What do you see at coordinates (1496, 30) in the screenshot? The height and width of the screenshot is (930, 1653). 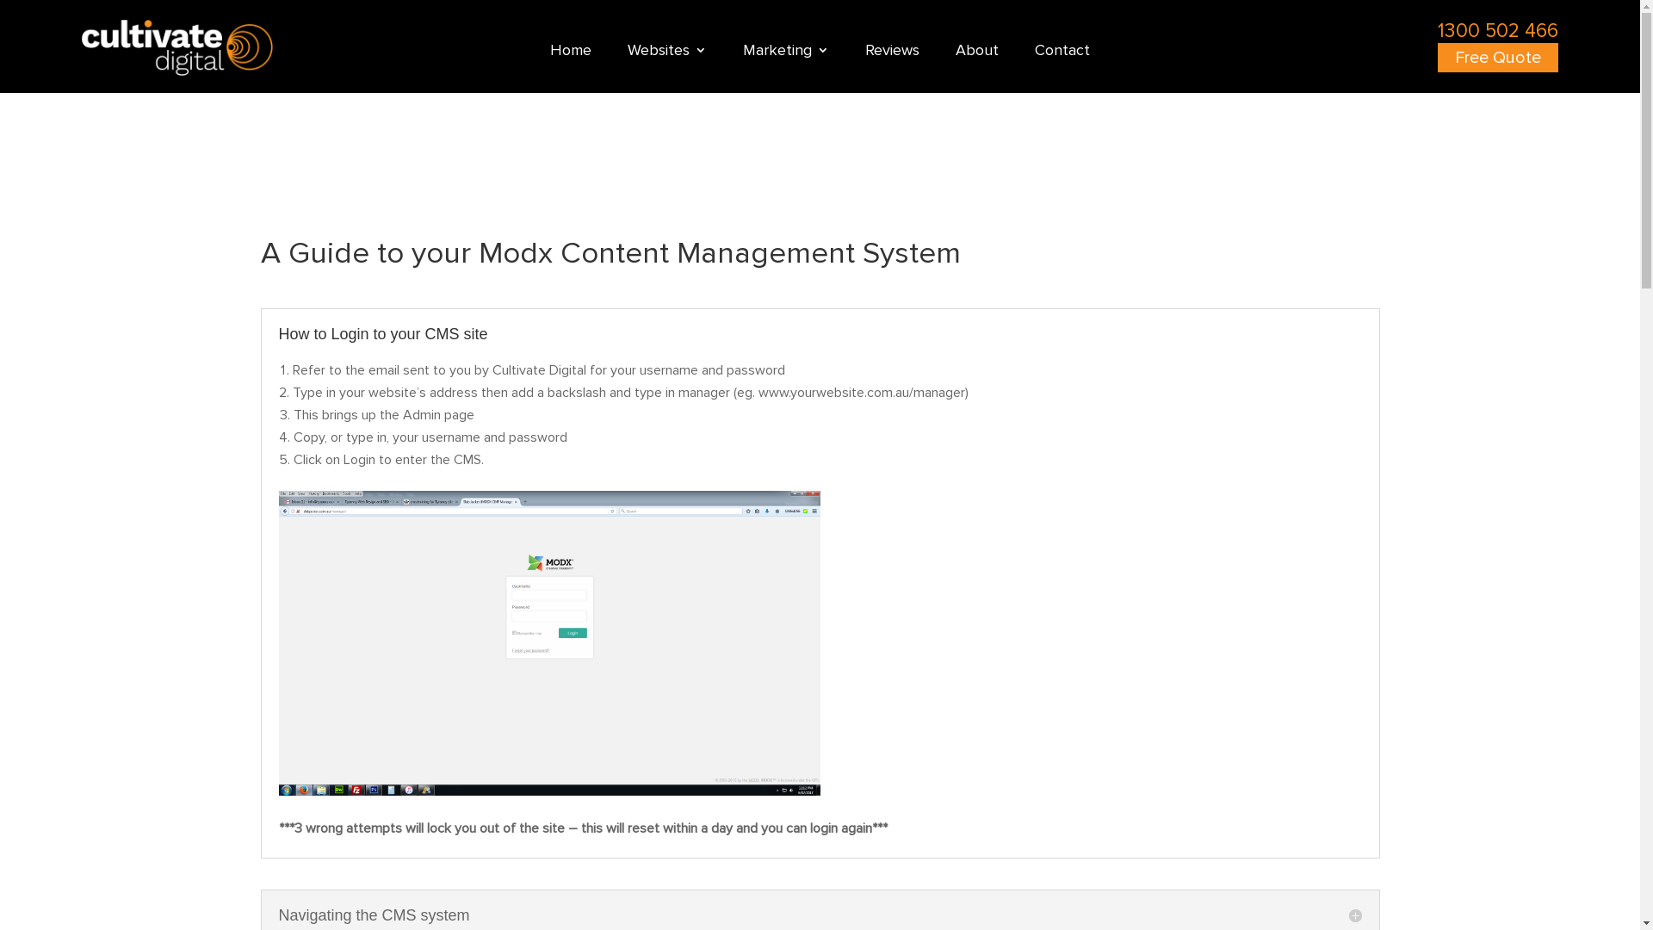 I see `'1300 502 466'` at bounding box center [1496, 30].